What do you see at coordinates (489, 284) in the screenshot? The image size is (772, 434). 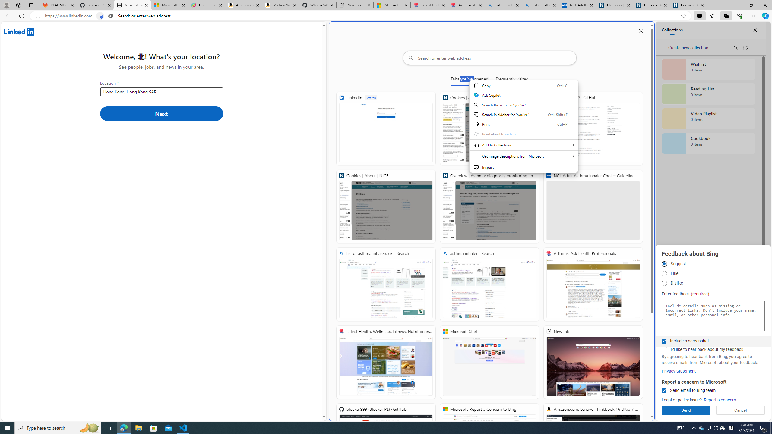 I see `'asthma inhaler - Search'` at bounding box center [489, 284].